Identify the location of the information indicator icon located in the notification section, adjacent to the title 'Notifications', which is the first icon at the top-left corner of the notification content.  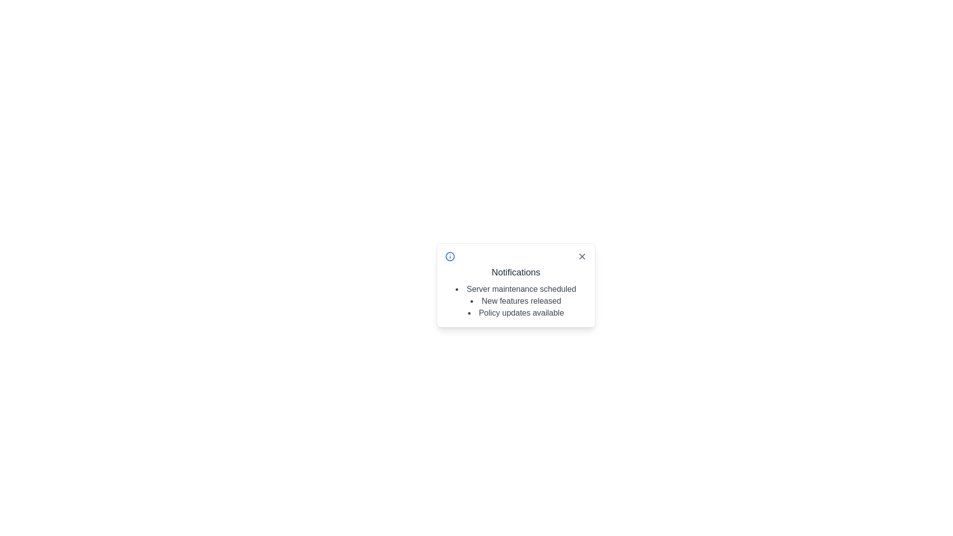
(449, 256).